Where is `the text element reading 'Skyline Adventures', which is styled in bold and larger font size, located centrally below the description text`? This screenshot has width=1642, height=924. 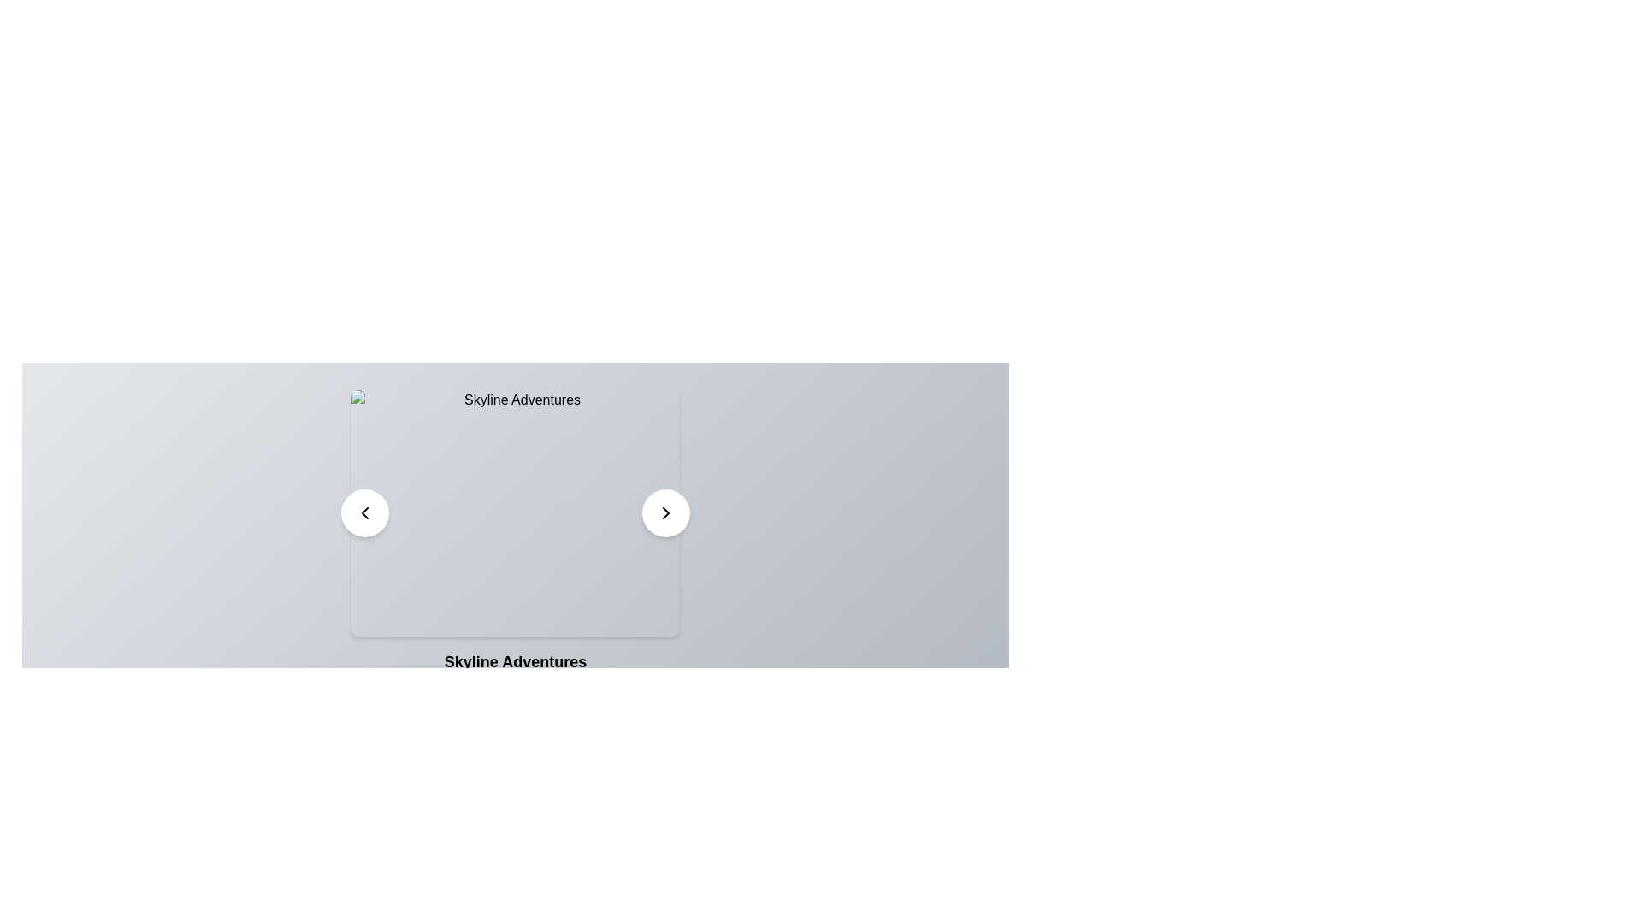
the text element reading 'Skyline Adventures', which is styled in bold and larger font size, located centrally below the description text is located at coordinates (515, 661).